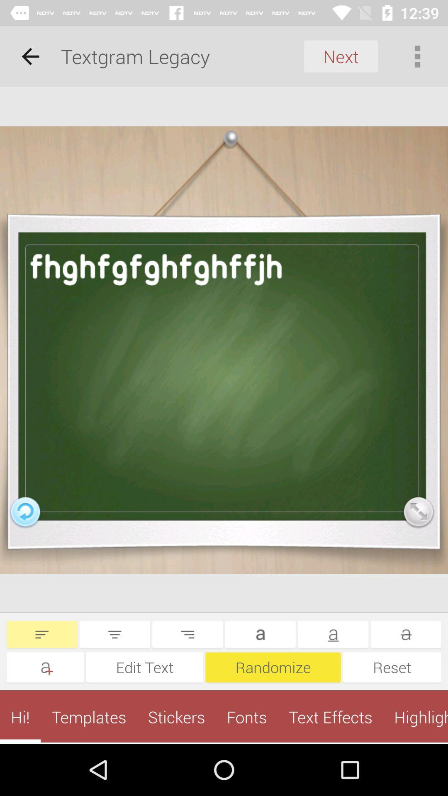 This screenshot has height=796, width=448. Describe the element at coordinates (176, 716) in the screenshot. I see `the app to the left of the fonts` at that location.